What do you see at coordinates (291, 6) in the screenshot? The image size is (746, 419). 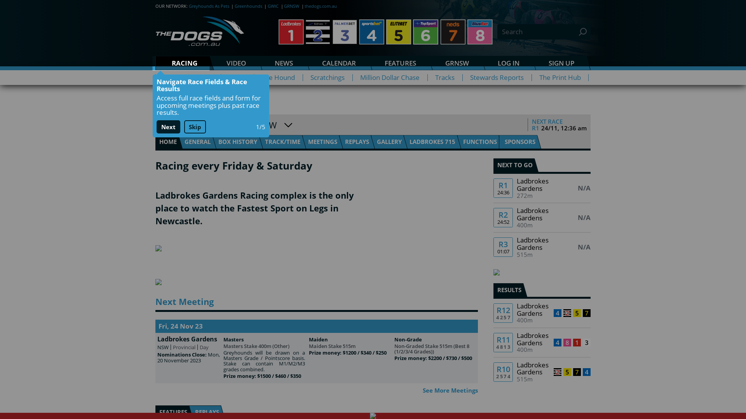 I see `'GRNSW'` at bounding box center [291, 6].